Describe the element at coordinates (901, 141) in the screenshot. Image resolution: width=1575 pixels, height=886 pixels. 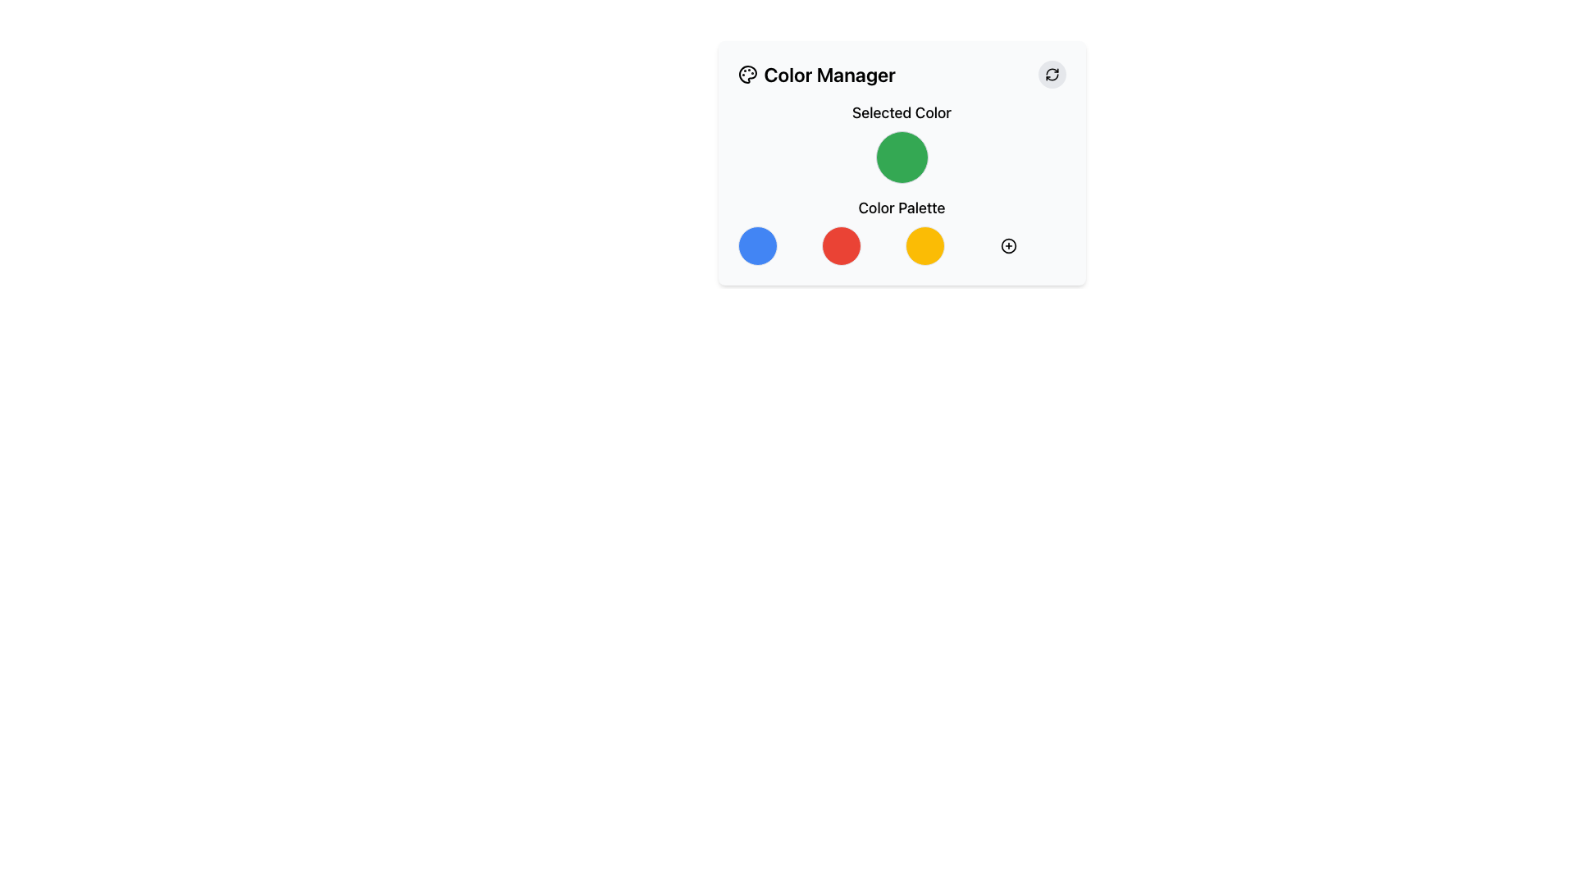
I see `the circular green icon located below the 'Selected Color' text in the 'Color Manager' interface` at that location.